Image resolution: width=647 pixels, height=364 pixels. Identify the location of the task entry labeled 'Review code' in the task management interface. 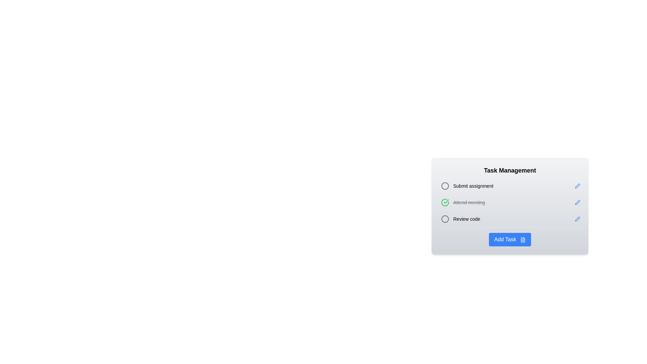
(460, 219).